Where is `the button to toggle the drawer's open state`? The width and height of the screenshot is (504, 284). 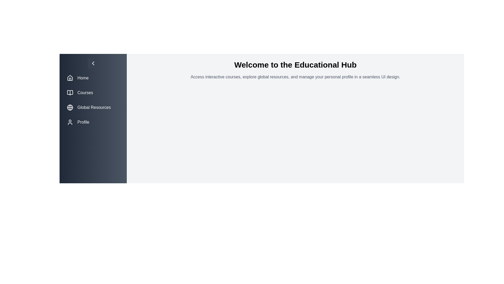 the button to toggle the drawer's open state is located at coordinates (93, 63).